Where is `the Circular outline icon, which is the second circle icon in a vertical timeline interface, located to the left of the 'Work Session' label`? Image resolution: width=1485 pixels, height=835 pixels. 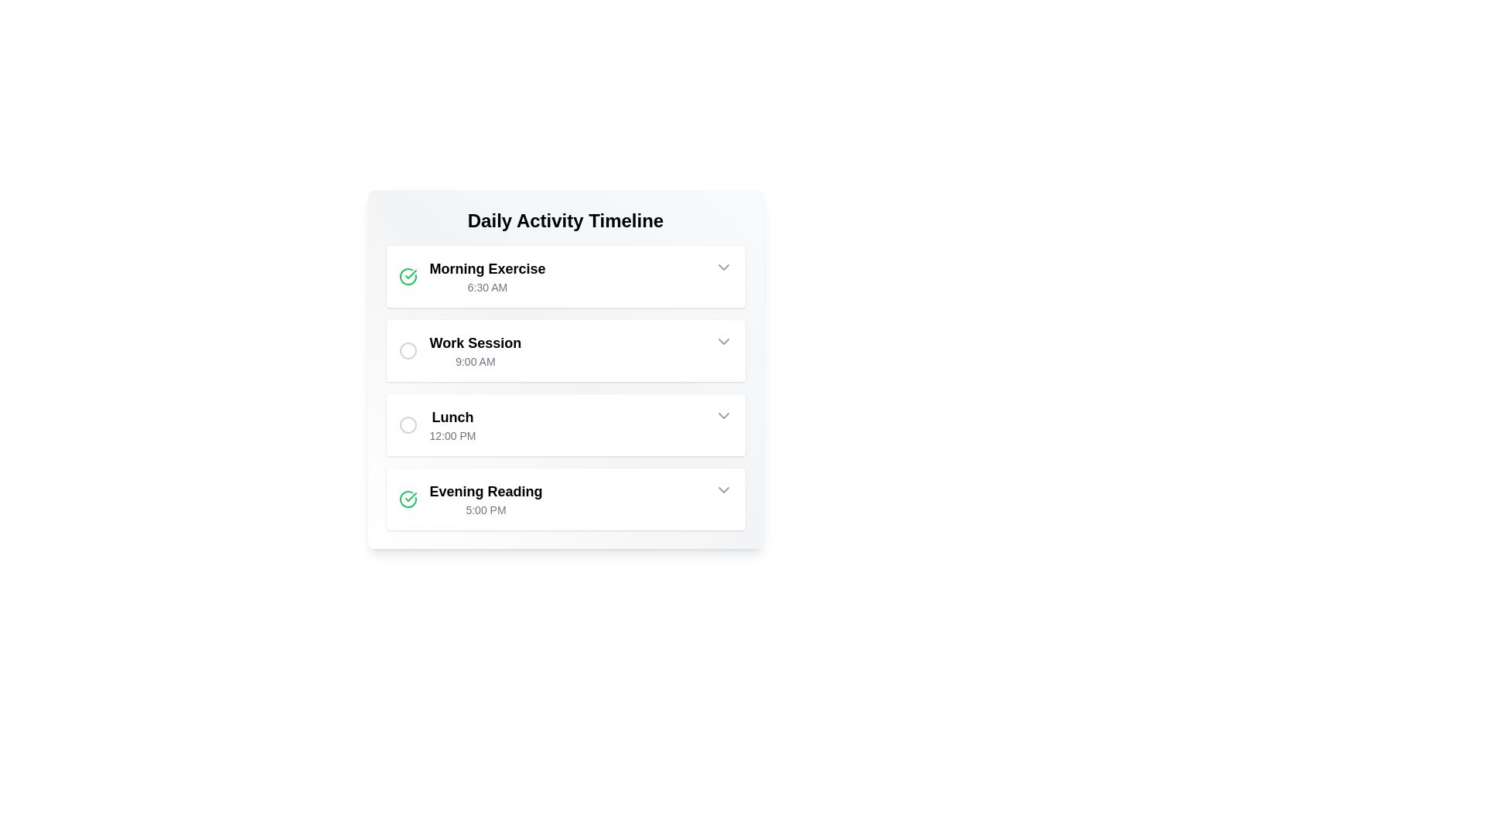 the Circular outline icon, which is the second circle icon in a vertical timeline interface, located to the left of the 'Work Session' label is located at coordinates (408, 351).